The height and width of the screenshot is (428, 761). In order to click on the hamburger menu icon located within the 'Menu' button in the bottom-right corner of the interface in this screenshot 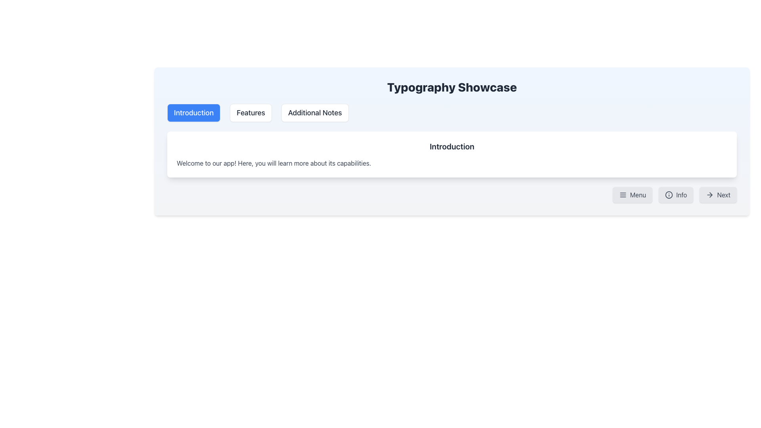, I will do `click(622, 195)`.